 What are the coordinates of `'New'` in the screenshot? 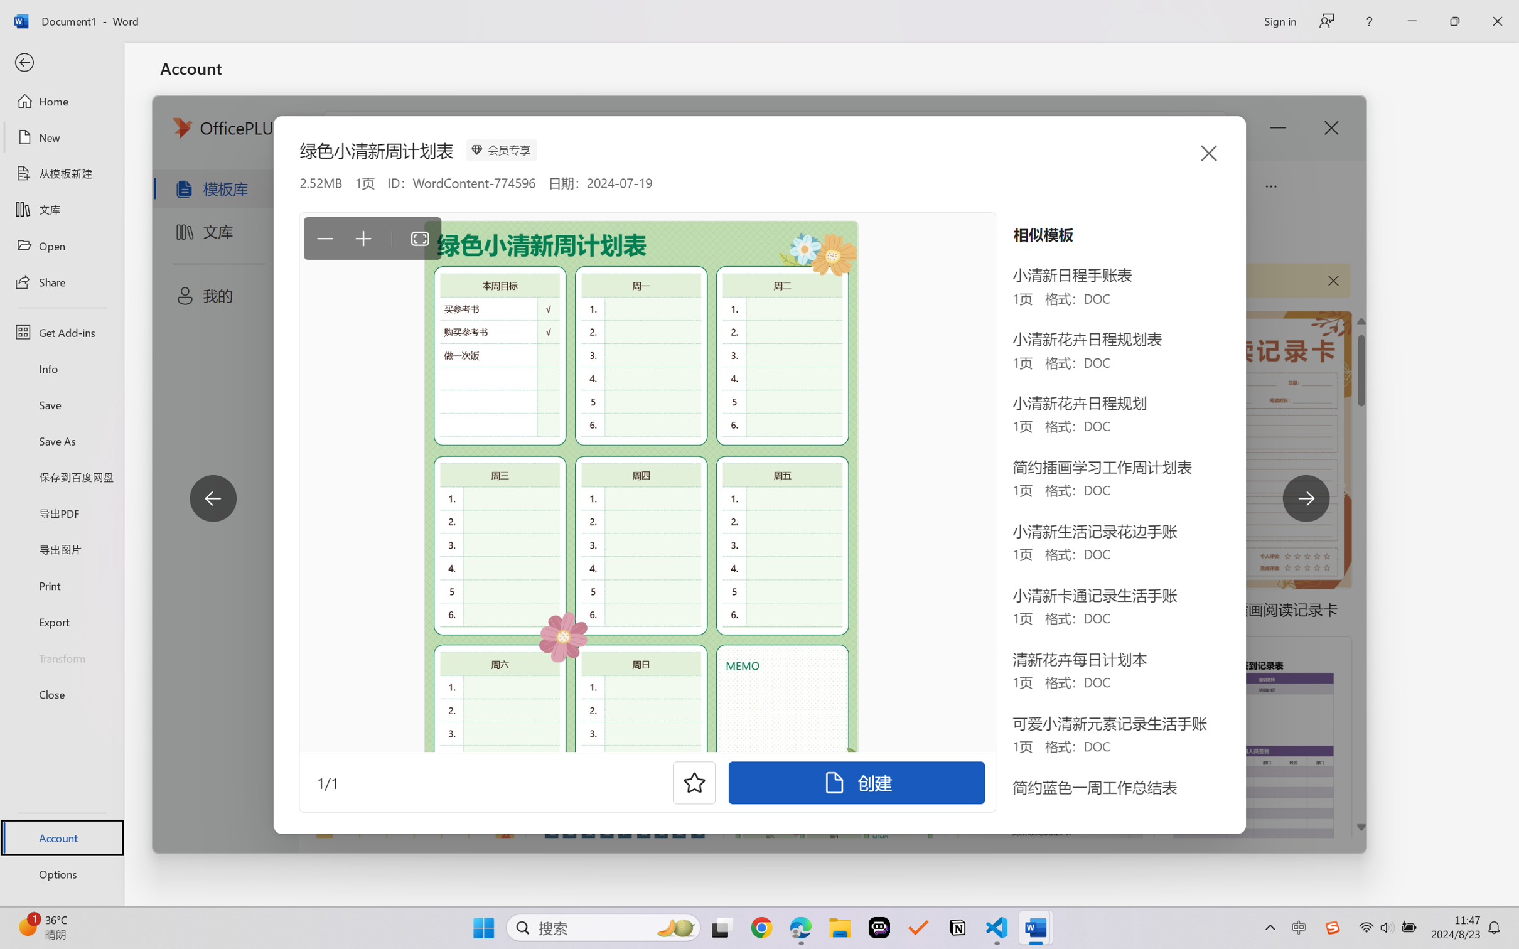 It's located at (61, 136).